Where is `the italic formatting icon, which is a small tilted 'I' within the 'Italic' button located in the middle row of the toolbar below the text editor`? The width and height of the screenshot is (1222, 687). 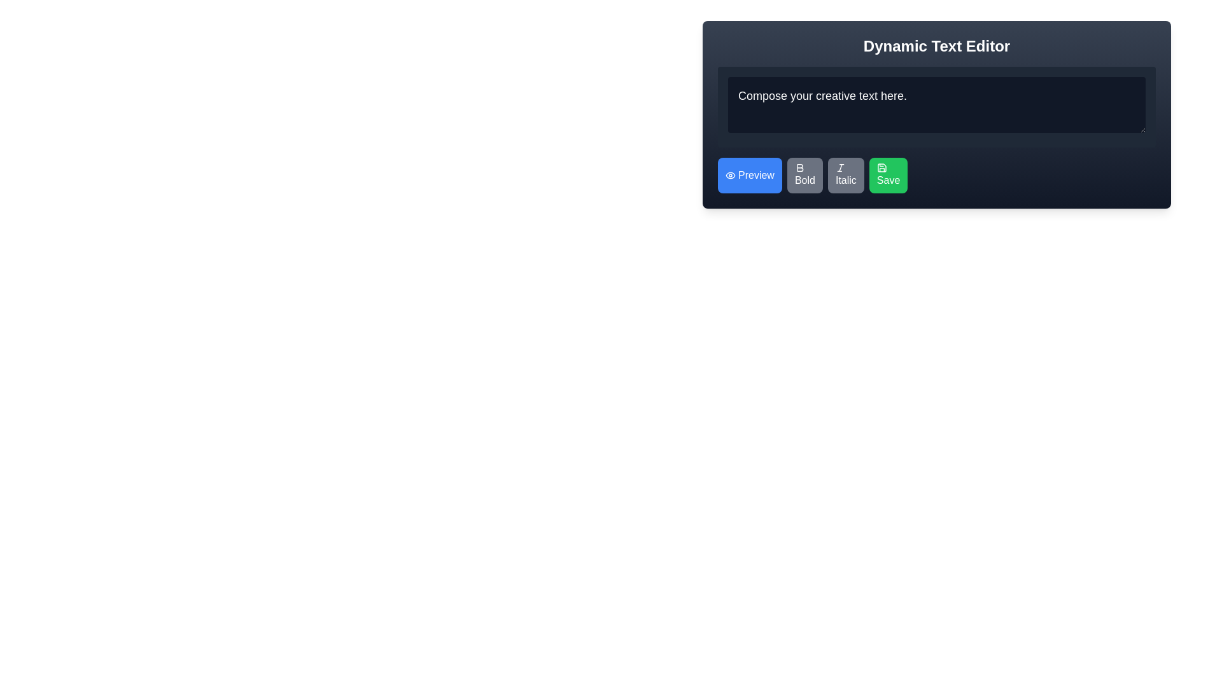 the italic formatting icon, which is a small tilted 'I' within the 'Italic' button located in the middle row of the toolbar below the text editor is located at coordinates (840, 167).